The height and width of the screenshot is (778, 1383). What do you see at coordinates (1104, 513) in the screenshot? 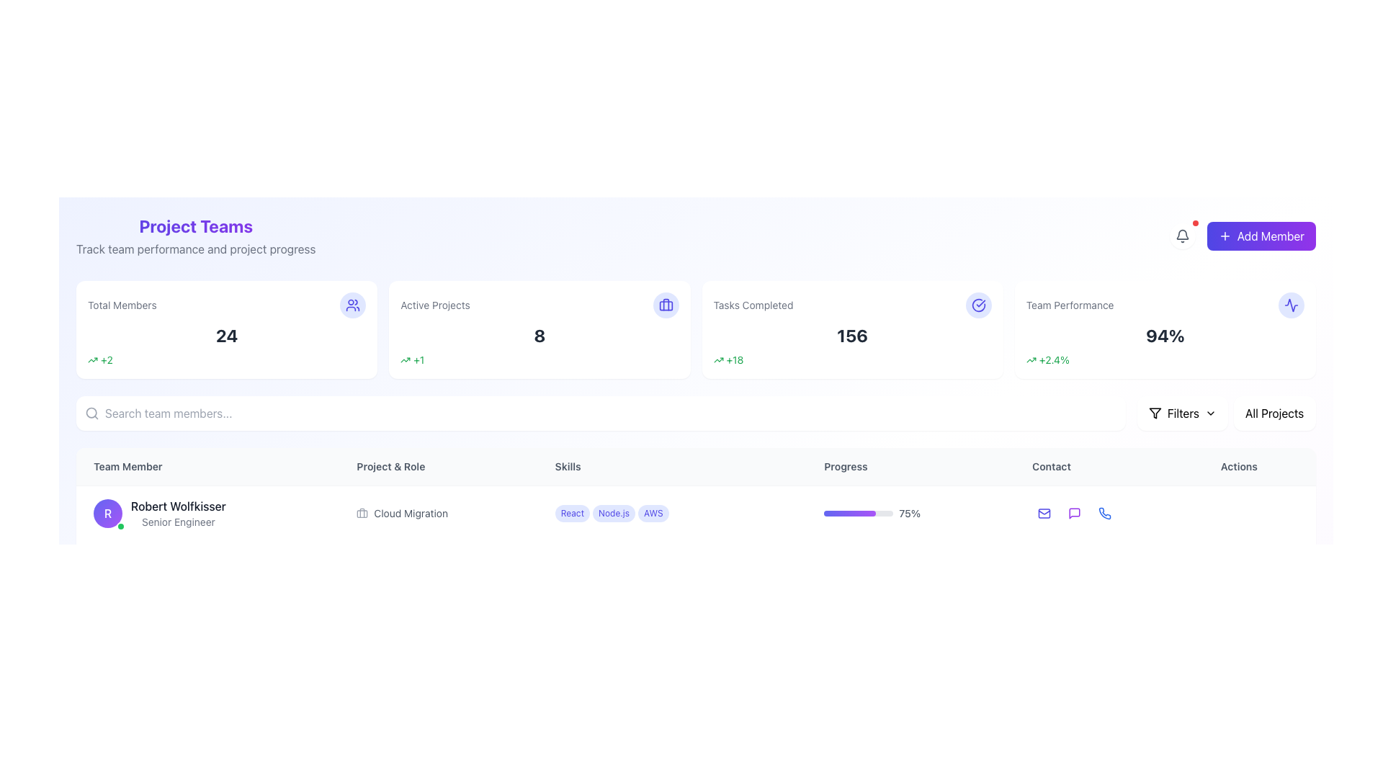
I see `the phone call icon located in the 'Contact' column` at bounding box center [1104, 513].